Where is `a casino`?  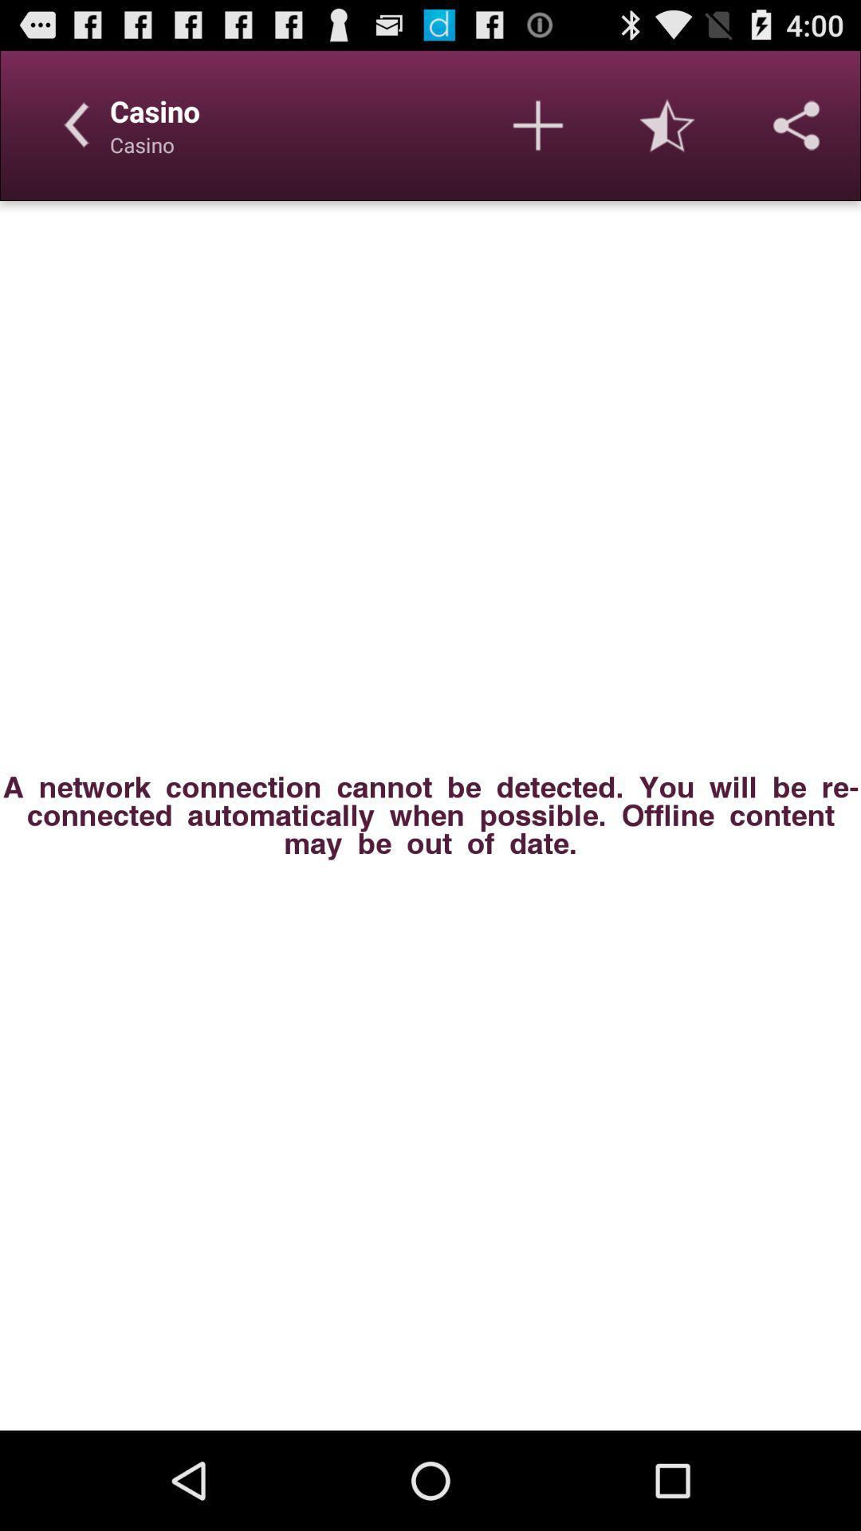
a casino is located at coordinates (538, 124).